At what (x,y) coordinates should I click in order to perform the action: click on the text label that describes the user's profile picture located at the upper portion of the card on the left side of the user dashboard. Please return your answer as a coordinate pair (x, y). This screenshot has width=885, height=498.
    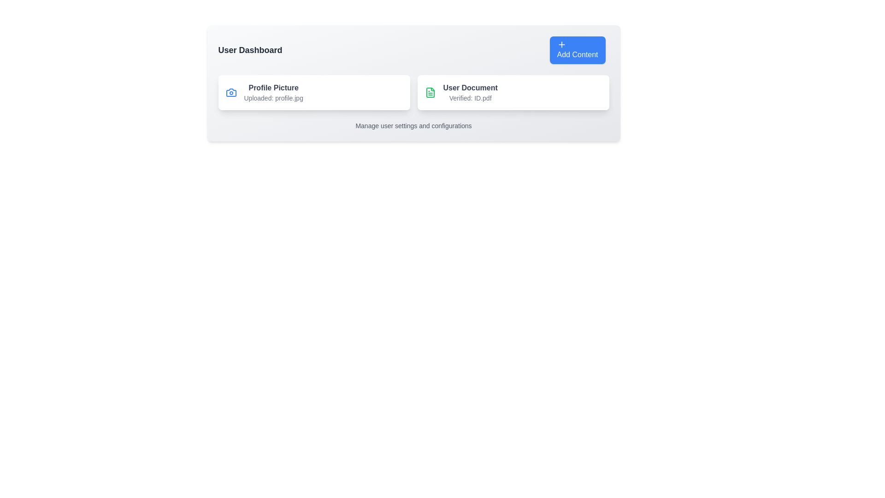
    Looking at the image, I should click on (273, 88).